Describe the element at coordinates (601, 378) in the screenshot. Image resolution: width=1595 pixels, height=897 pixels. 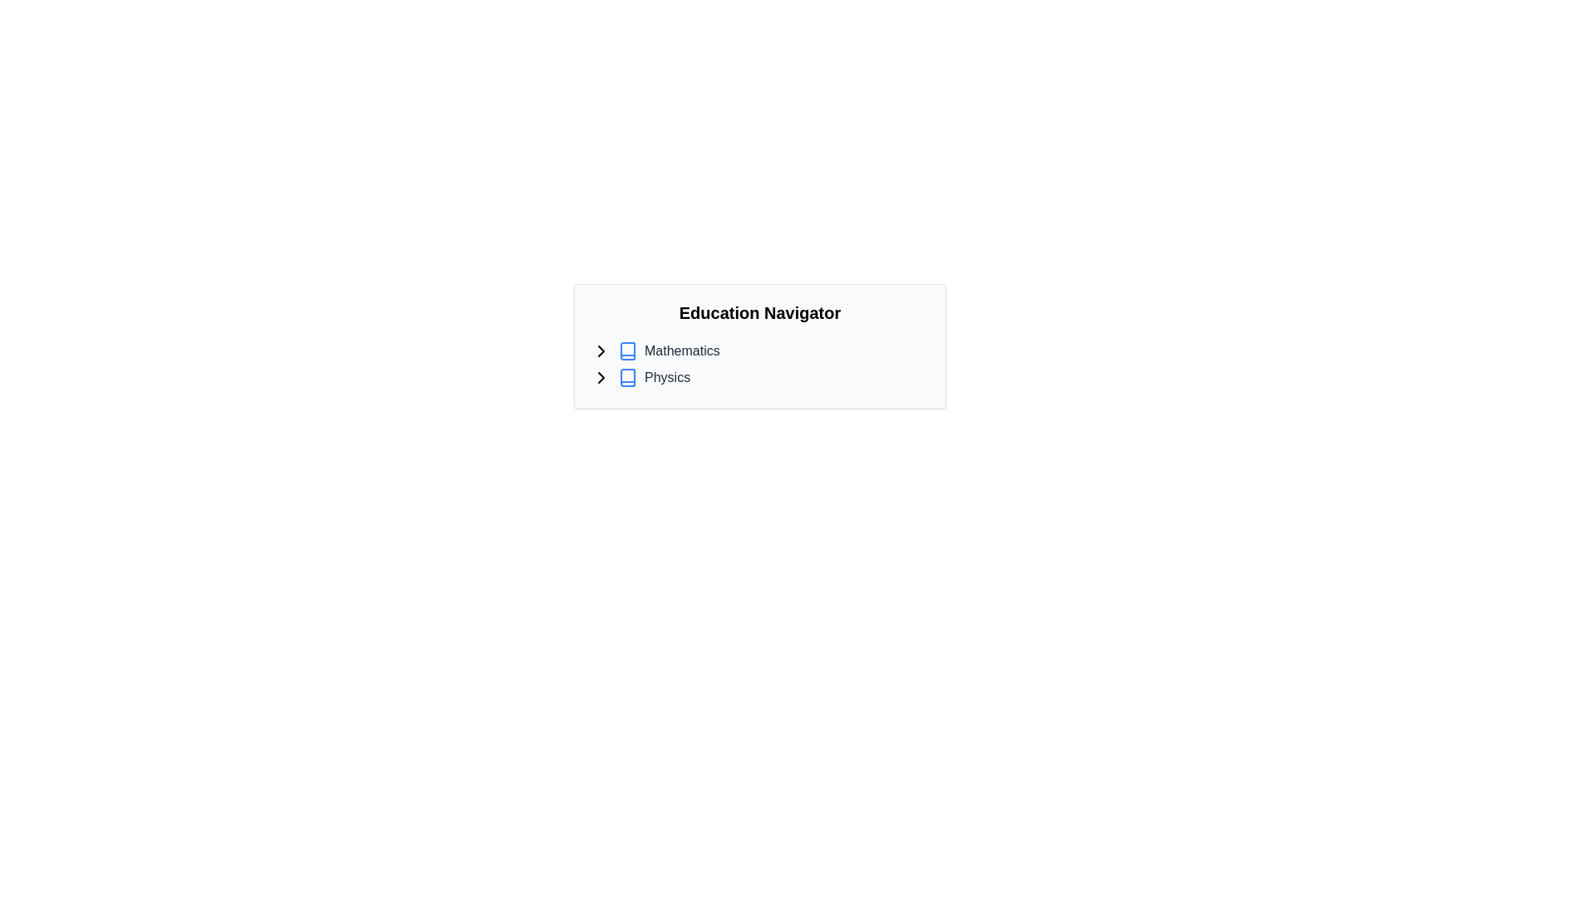
I see `the right-facing chevron icon located to the left of the text 'Physics' in the vertical navigational list` at that location.